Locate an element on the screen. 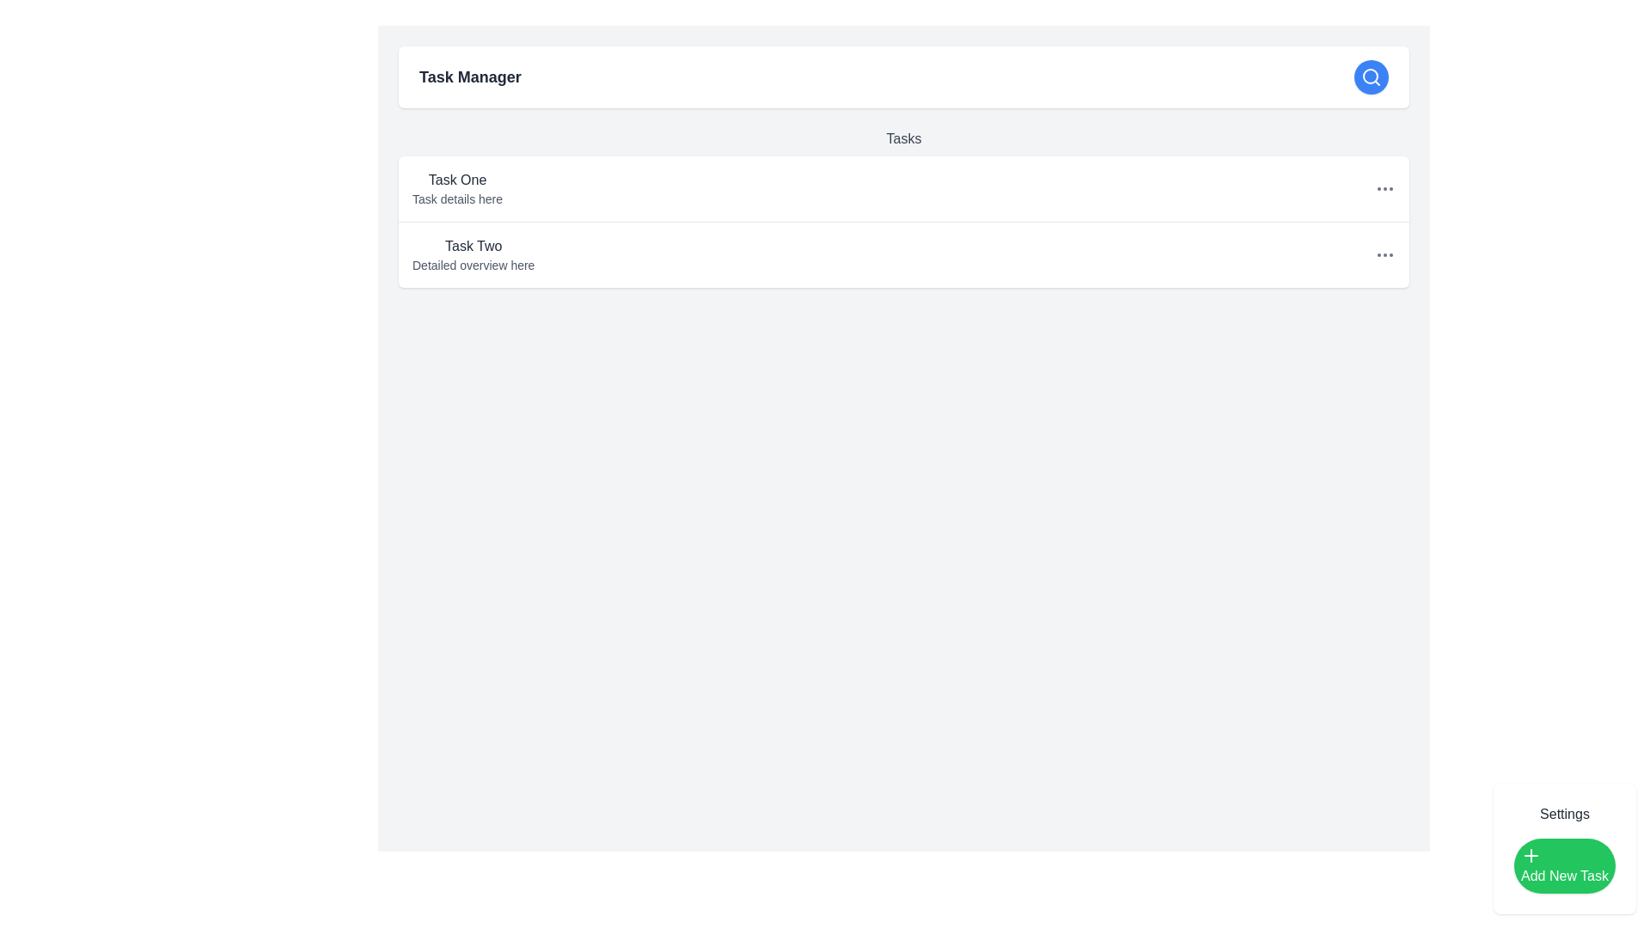  text element that contains 'Detailed overview here', located below the title 'Task Two' in the second entry of the task list is located at coordinates (474, 265).